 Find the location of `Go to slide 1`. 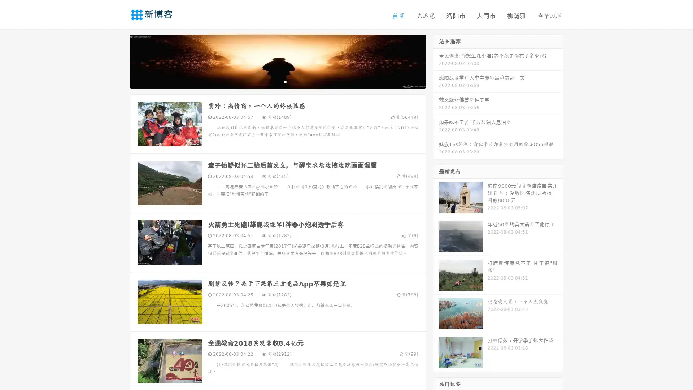

Go to slide 1 is located at coordinates (270, 81).